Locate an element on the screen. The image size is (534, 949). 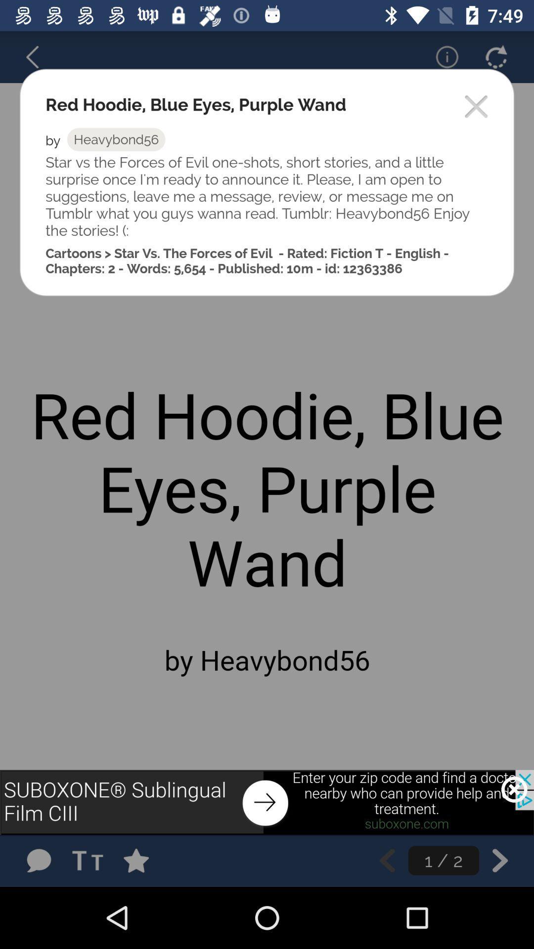
go ahead to the next page is located at coordinates (500, 860).